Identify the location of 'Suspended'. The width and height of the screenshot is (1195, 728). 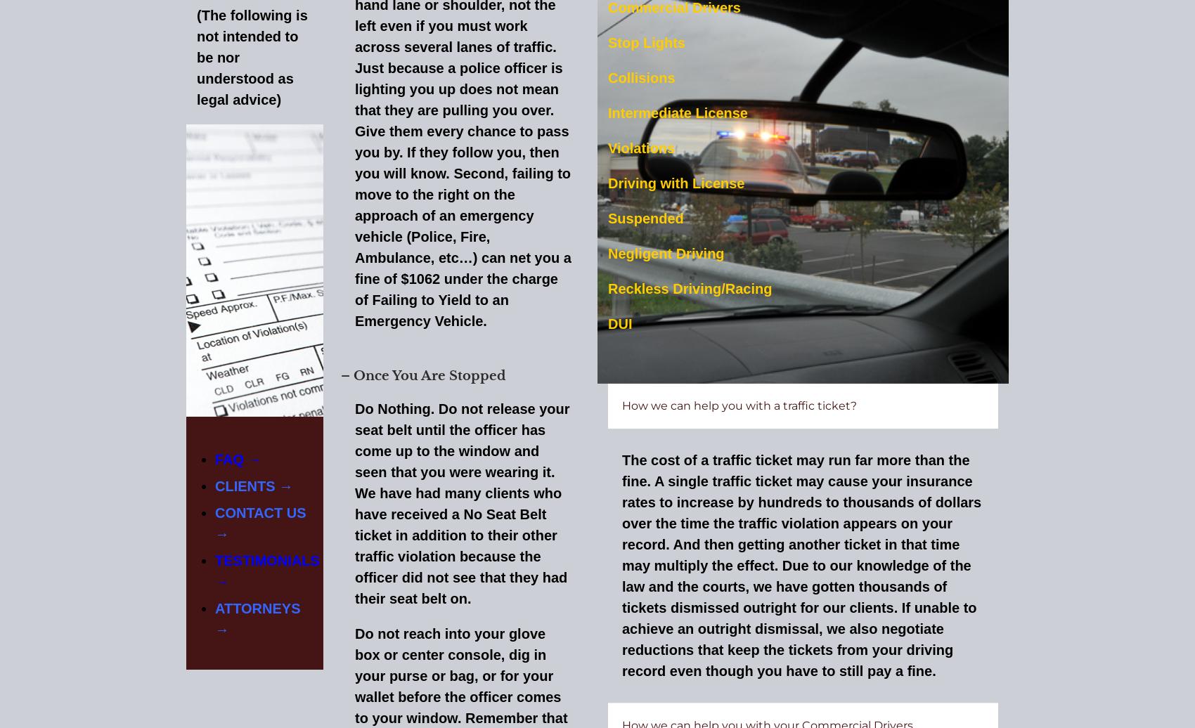
(645, 217).